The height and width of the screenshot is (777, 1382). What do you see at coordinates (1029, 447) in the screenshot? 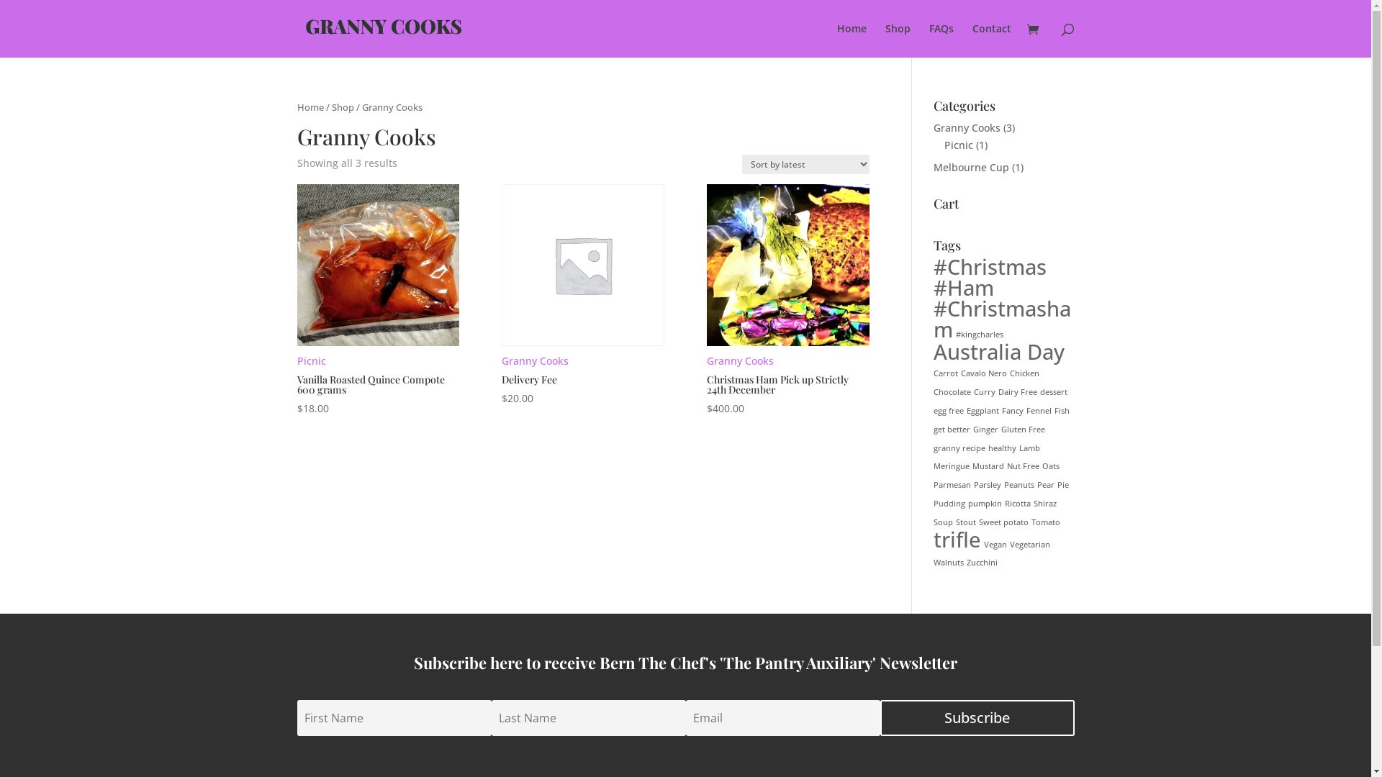
I see `'Lamb'` at bounding box center [1029, 447].